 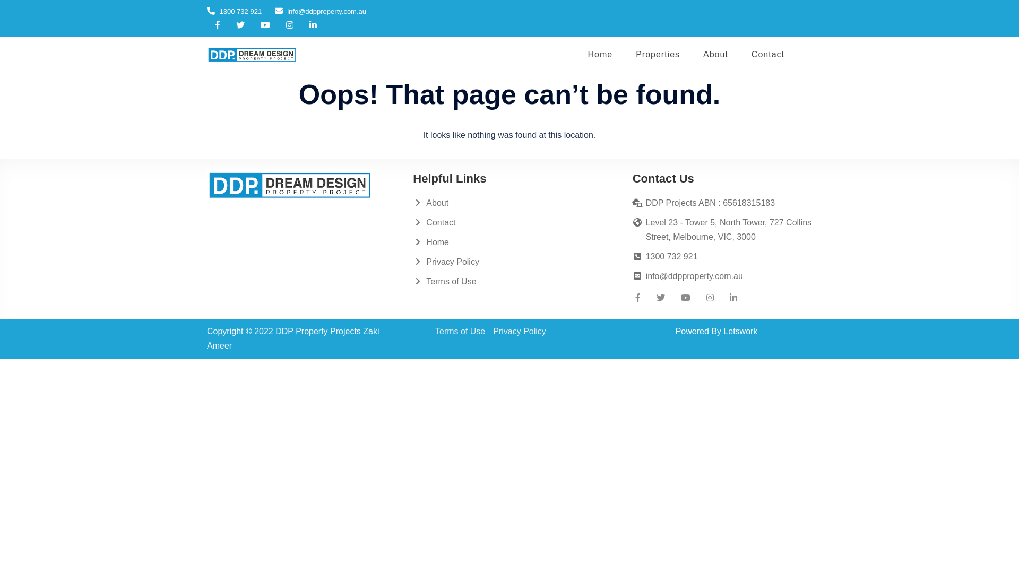 I want to click on 'Letswork', so click(x=740, y=331).